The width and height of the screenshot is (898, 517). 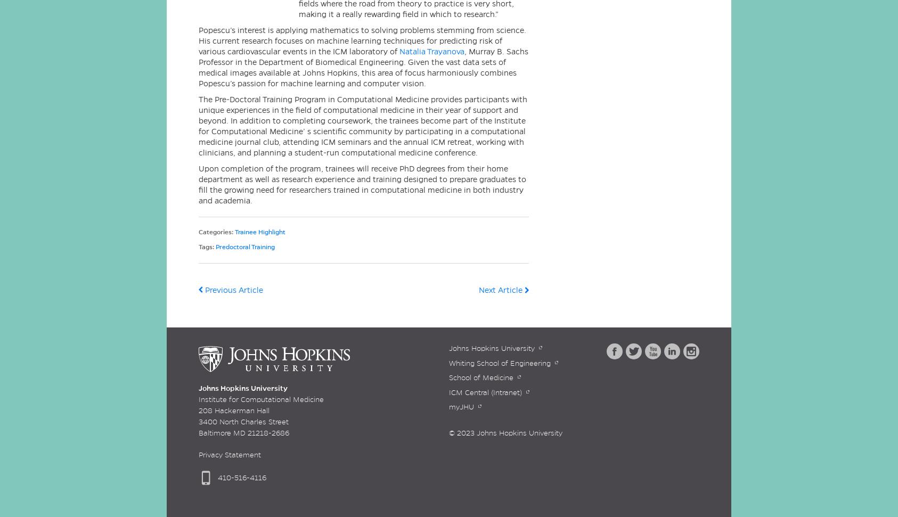 What do you see at coordinates (449, 391) in the screenshot?
I see `'ICM Central (Intranet)'` at bounding box center [449, 391].